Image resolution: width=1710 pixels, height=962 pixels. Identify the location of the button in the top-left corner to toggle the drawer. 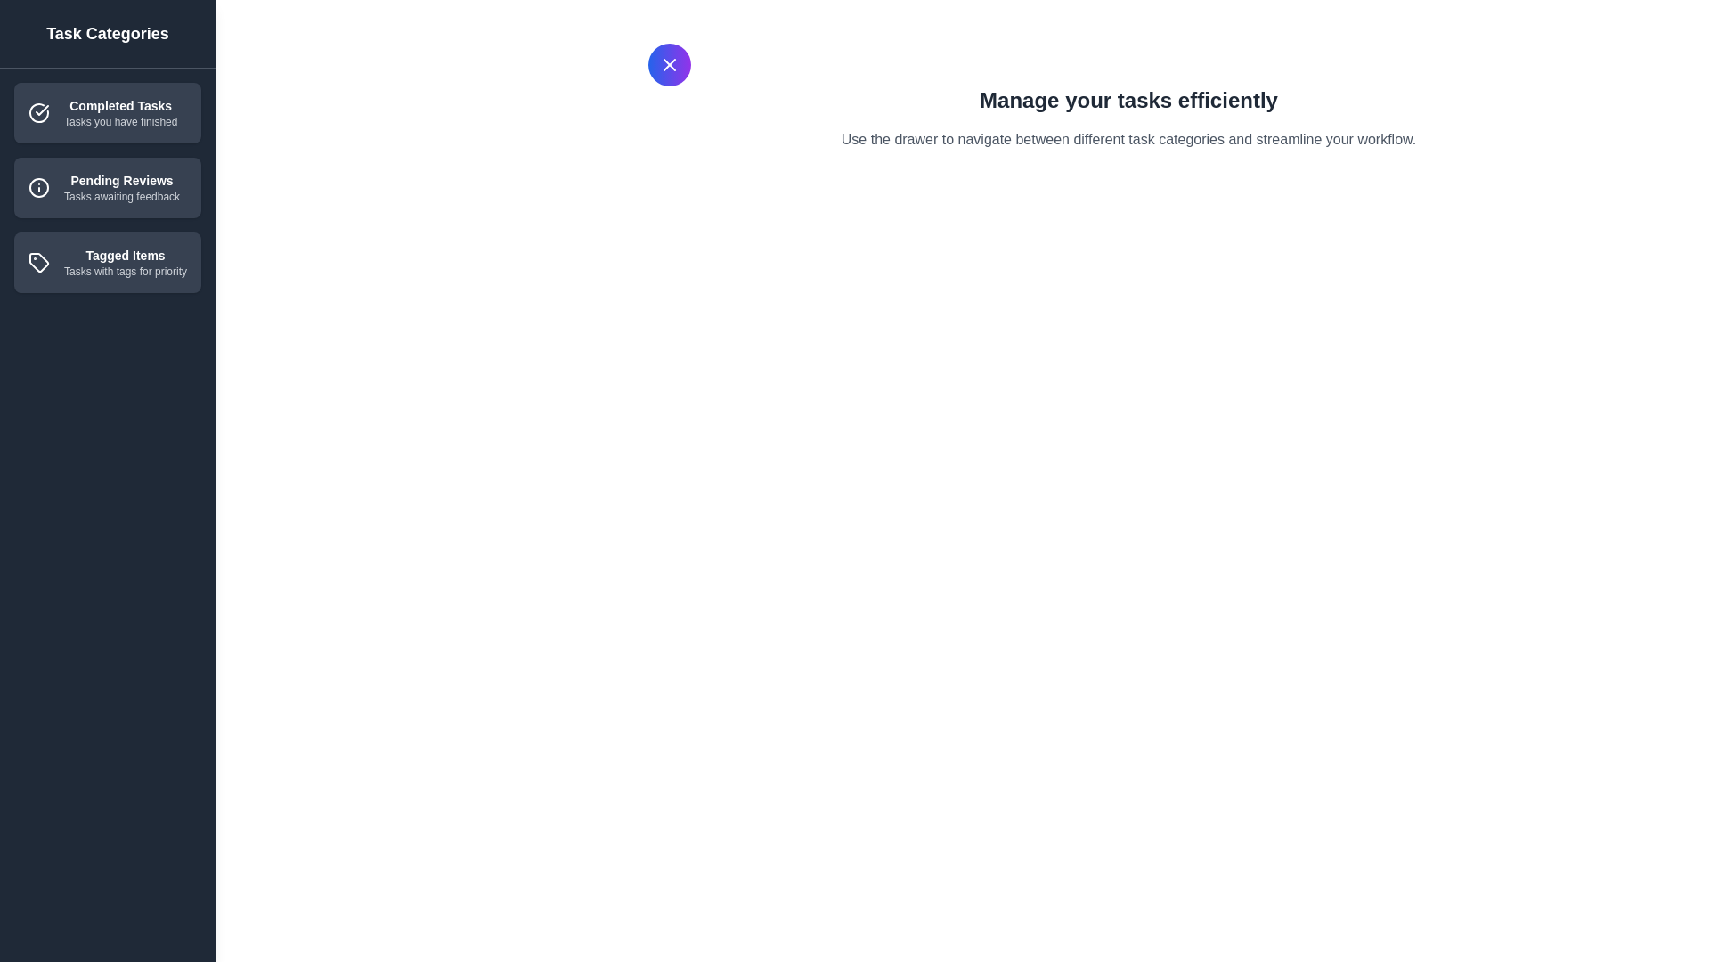
(669, 64).